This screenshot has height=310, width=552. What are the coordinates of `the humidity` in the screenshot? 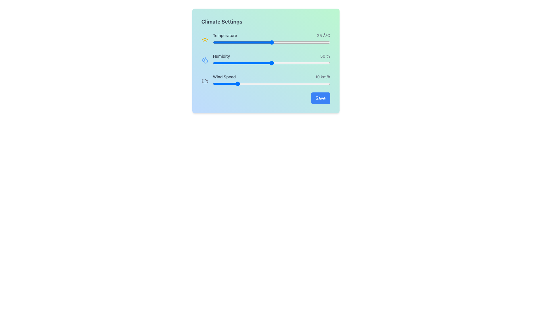 It's located at (233, 63).